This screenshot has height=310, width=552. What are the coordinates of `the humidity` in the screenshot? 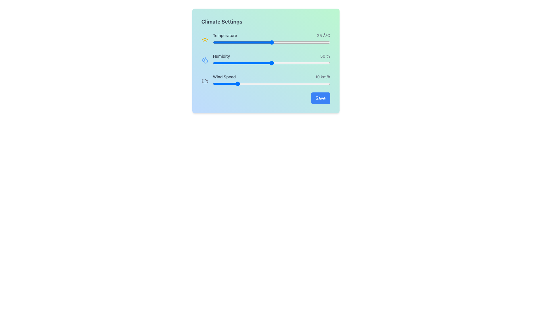 It's located at (233, 63).